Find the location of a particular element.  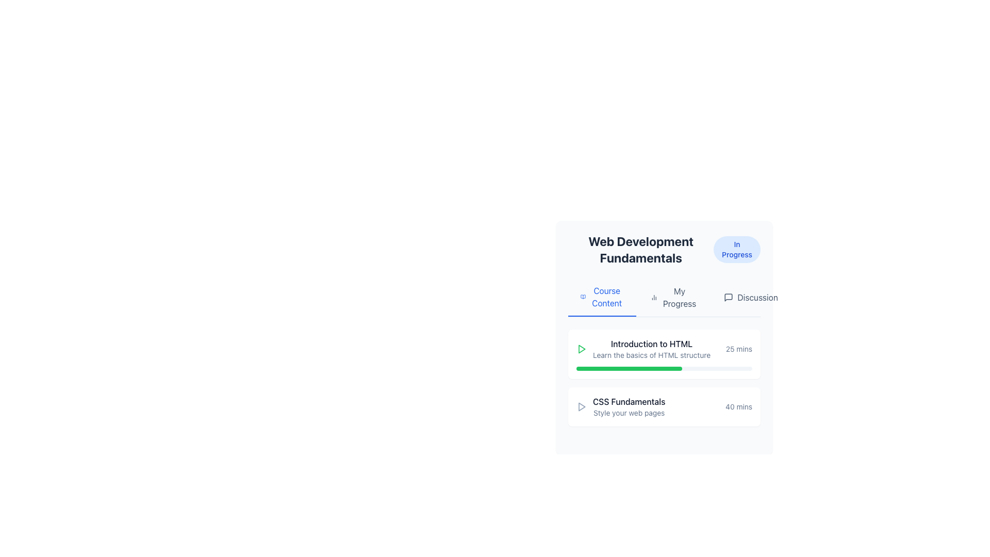

the clickable course card for 'CSS Fundamentals' located in the second position under 'Web Development Fundamentals' is located at coordinates (664, 406).